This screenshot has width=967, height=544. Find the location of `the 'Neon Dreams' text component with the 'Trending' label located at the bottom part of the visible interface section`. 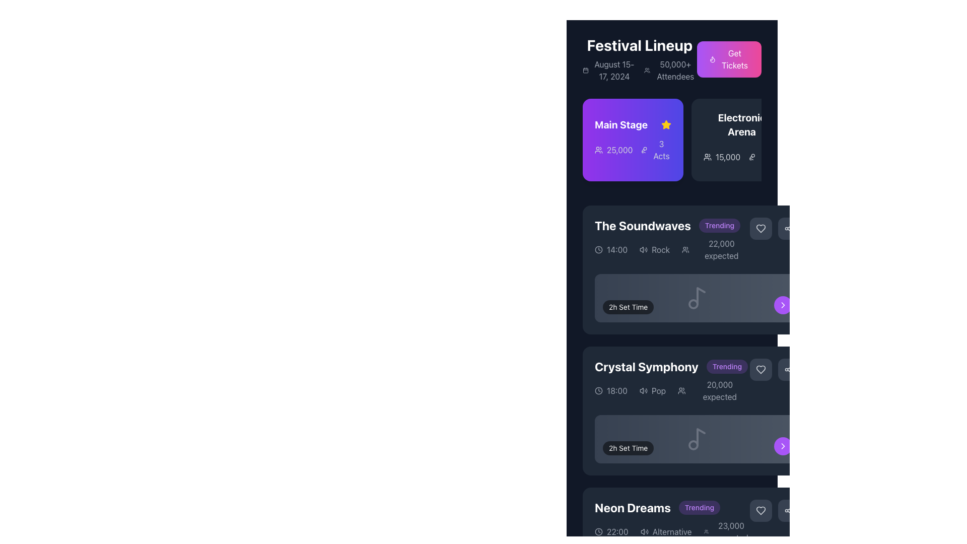

the 'Neon Dreams' text component with the 'Trending' label located at the bottom part of the visible interface section is located at coordinates (672, 507).